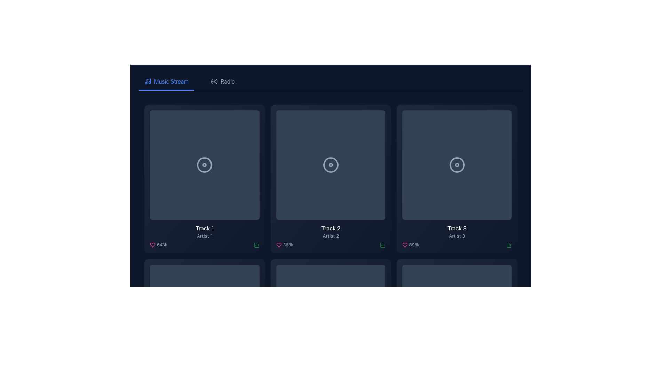 Image resolution: width=668 pixels, height=376 pixels. Describe the element at coordinates (330, 235) in the screenshot. I see `the static text label displaying the artist's name for 'Track 2', which is located below the track title and above the metrics label` at that location.